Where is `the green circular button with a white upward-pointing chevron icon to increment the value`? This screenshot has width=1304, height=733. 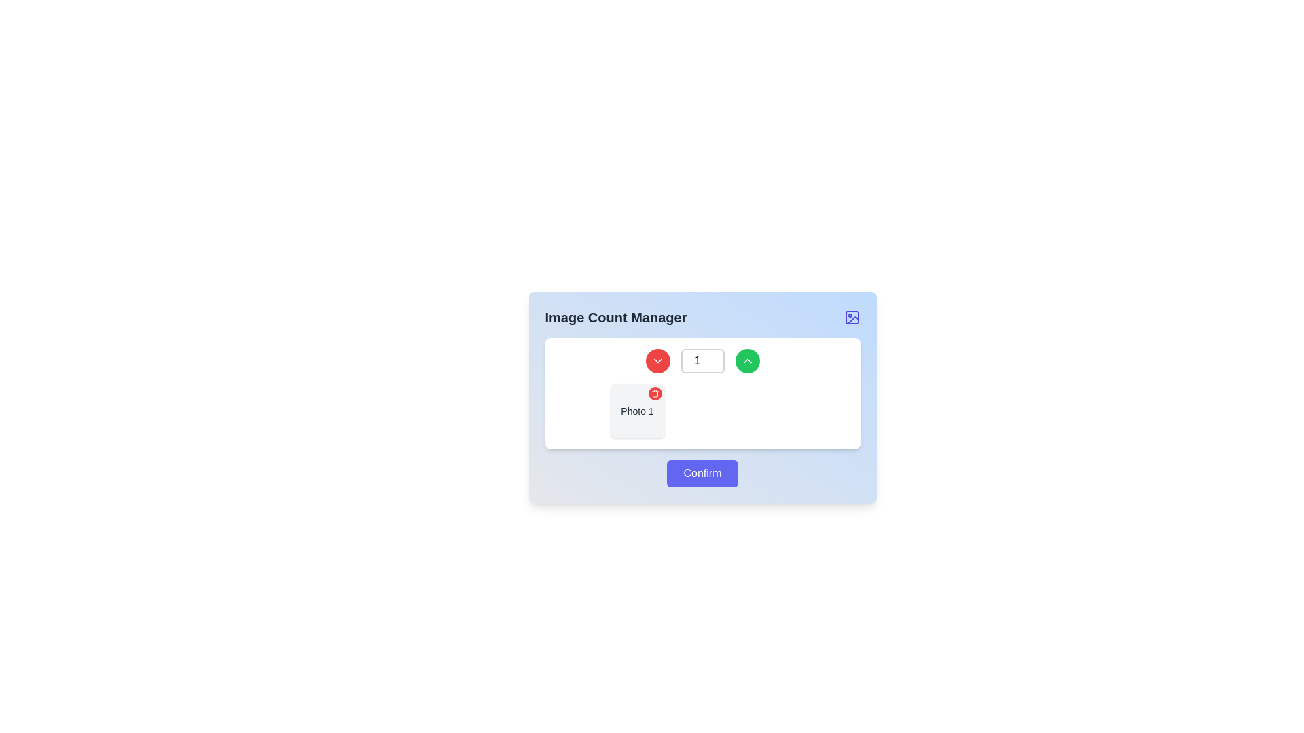
the green circular button with a white upward-pointing chevron icon to increment the value is located at coordinates (746, 360).